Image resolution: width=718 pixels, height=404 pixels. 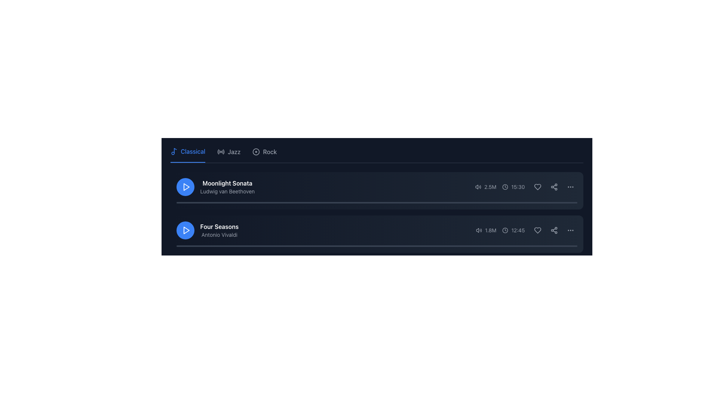 What do you see at coordinates (174, 151) in the screenshot?
I see `the 'Classical' music category icon located at the beginning of the section in the navigation bar` at bounding box center [174, 151].